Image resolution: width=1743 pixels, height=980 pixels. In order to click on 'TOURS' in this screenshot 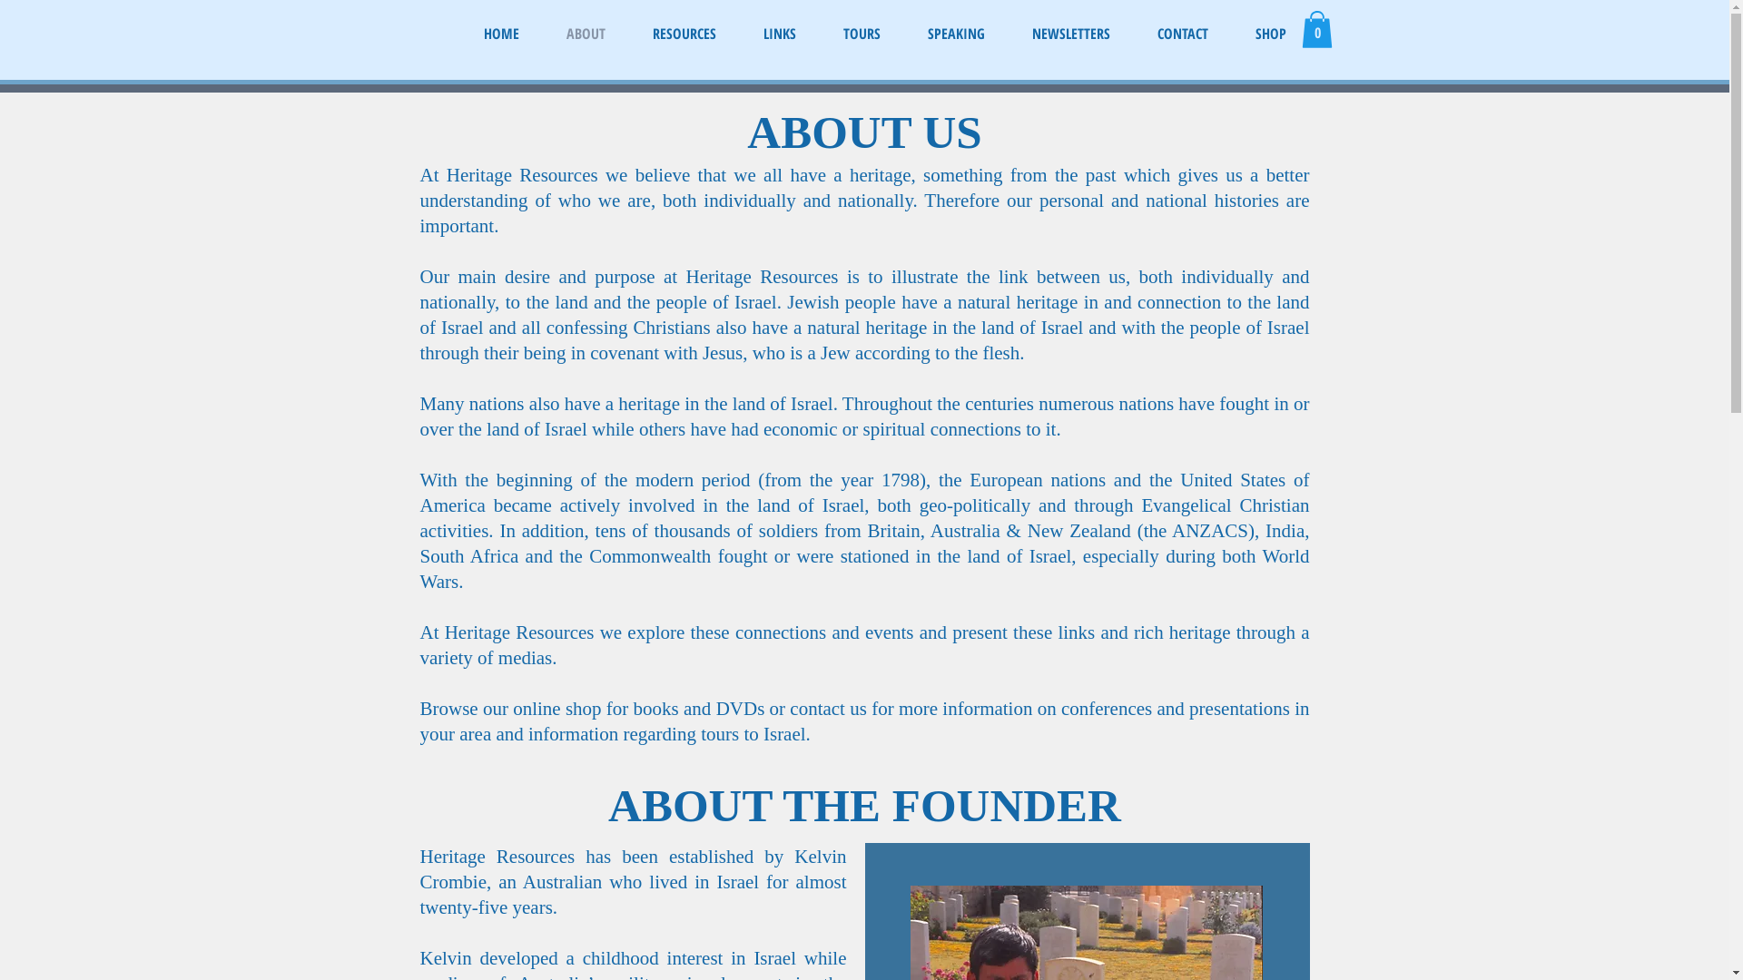, I will do `click(860, 30)`.